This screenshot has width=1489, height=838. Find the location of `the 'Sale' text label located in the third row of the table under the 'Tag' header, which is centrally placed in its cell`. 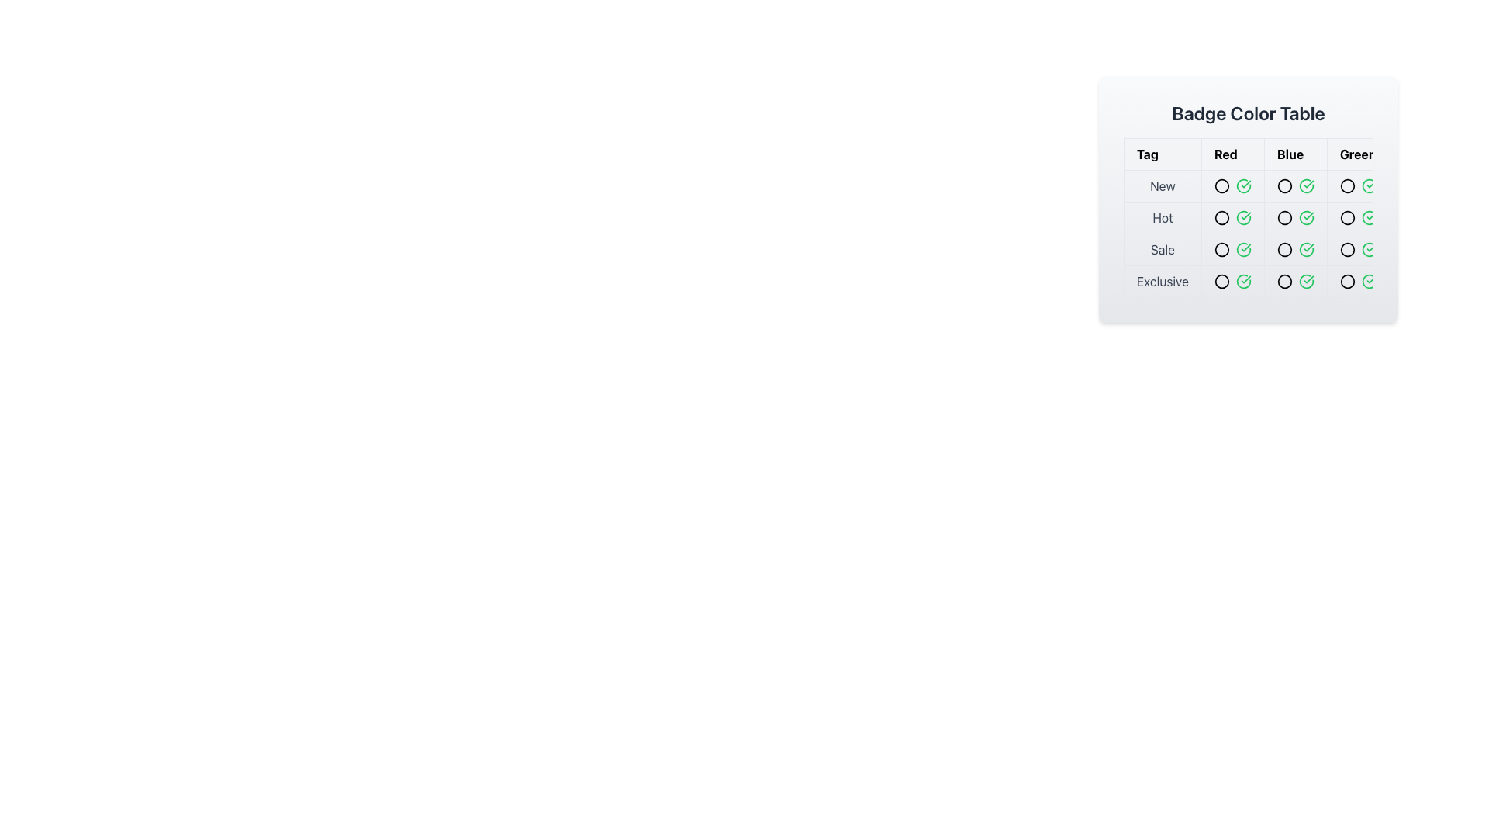

the 'Sale' text label located in the third row of the table under the 'Tag' header, which is centrally placed in its cell is located at coordinates (1163, 248).